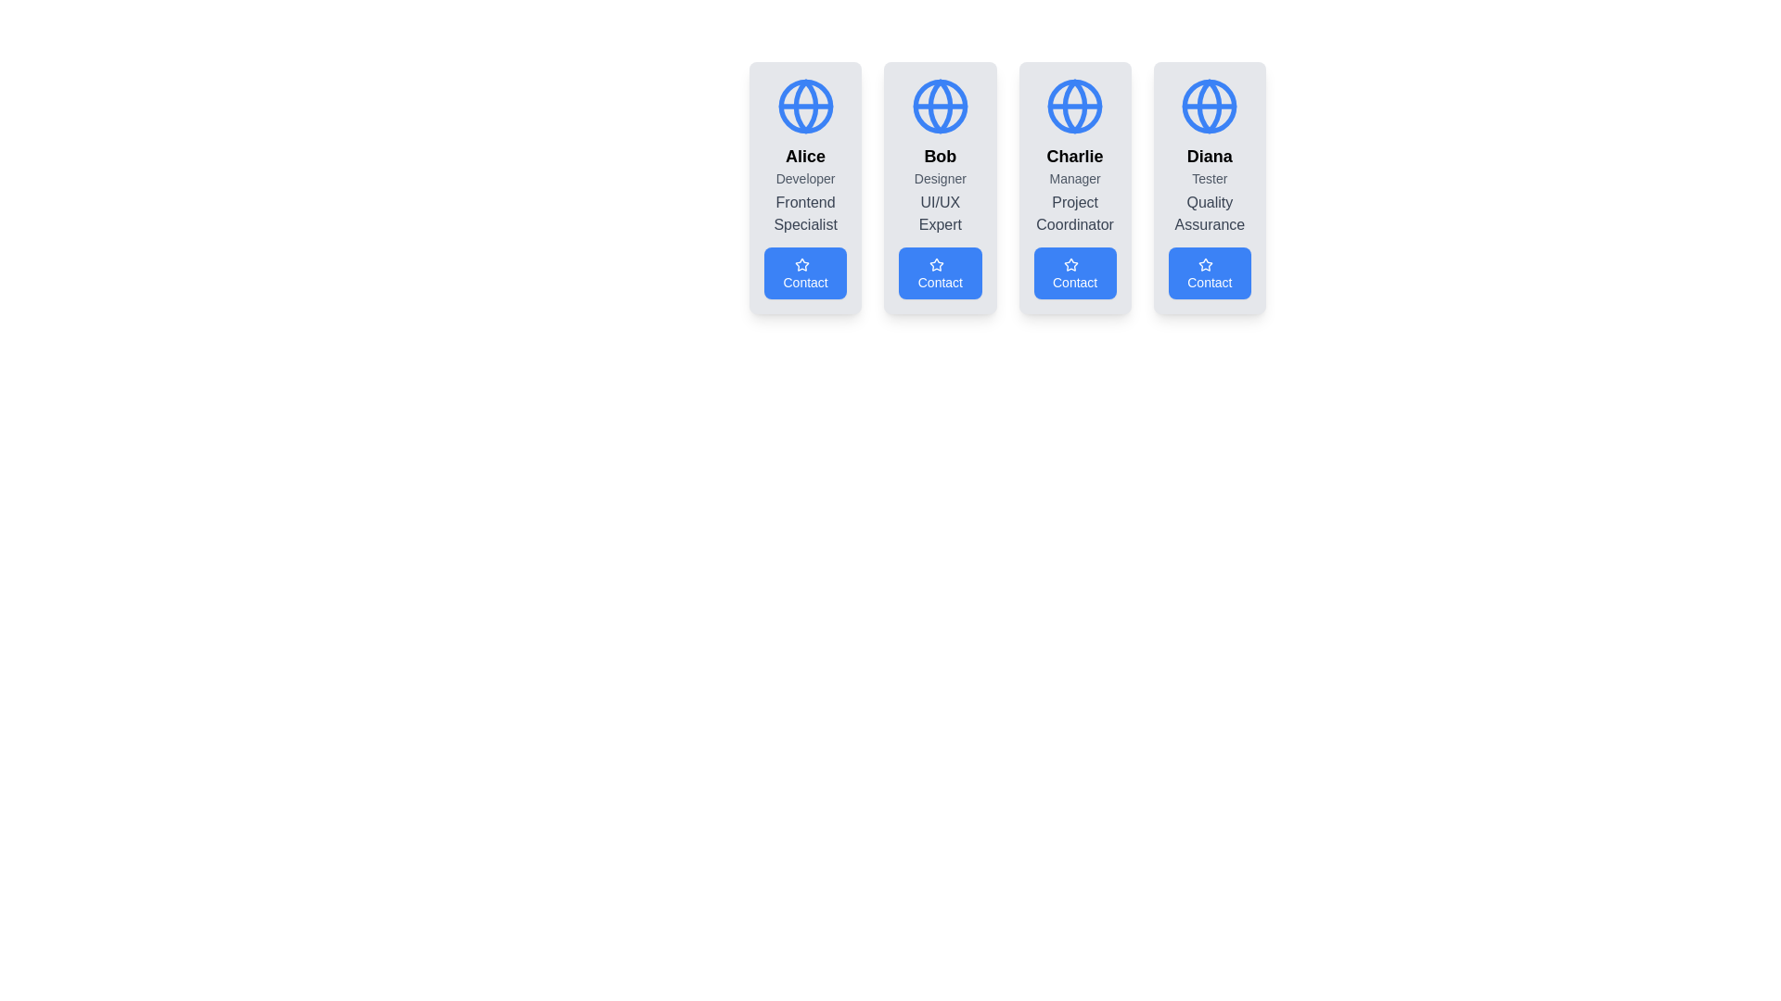  I want to click on the text label displaying 'Tester' which is positioned below the name 'Diana' in the fourth person card, so click(1210, 178).